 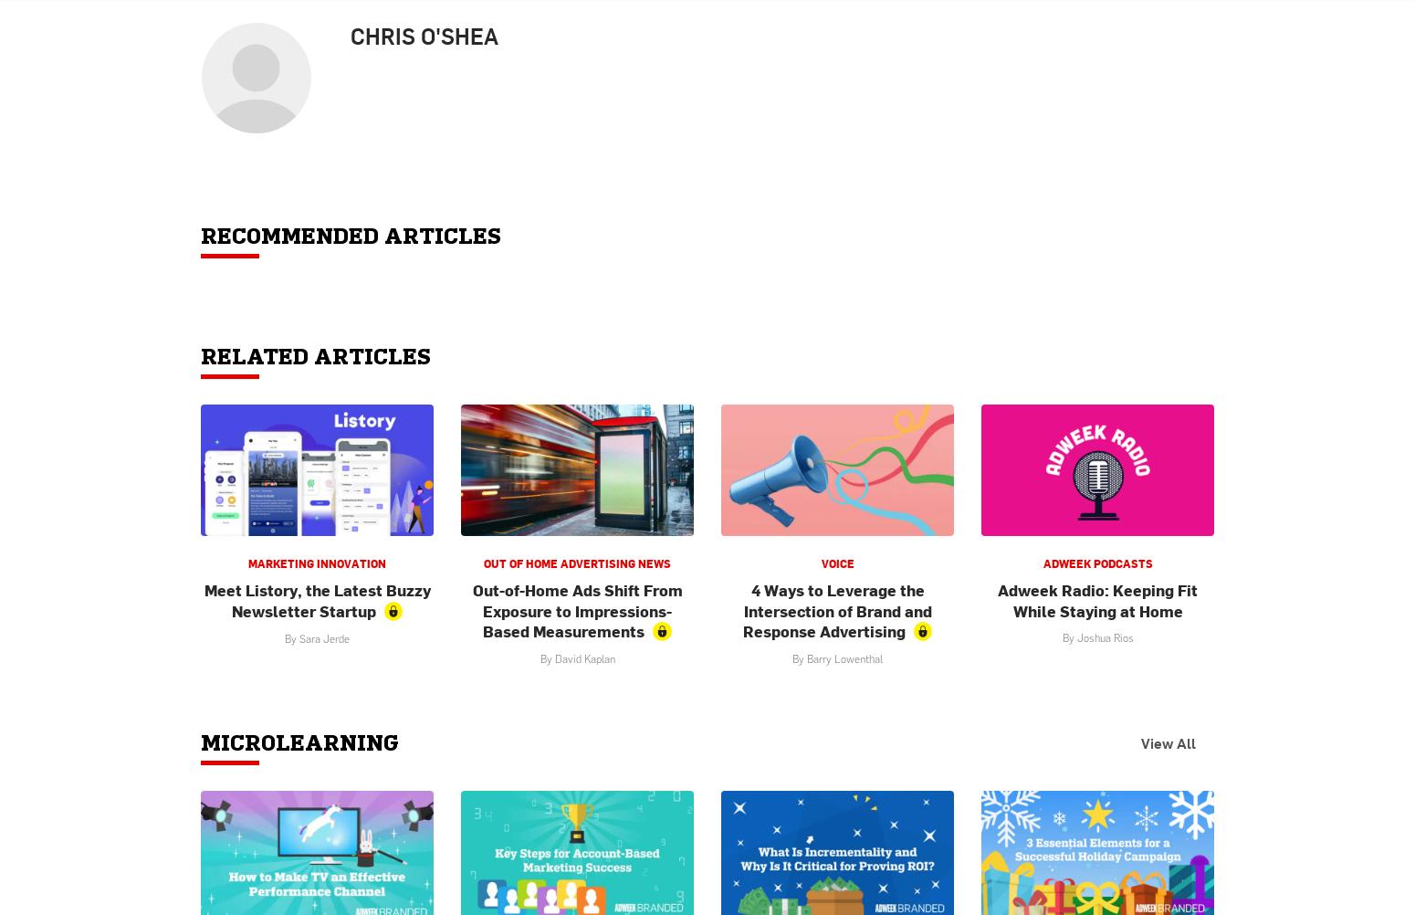 I want to click on 'Out-of-Home Ads Shift From Exposure to Impressions-Based Measurements', so click(x=575, y=610).